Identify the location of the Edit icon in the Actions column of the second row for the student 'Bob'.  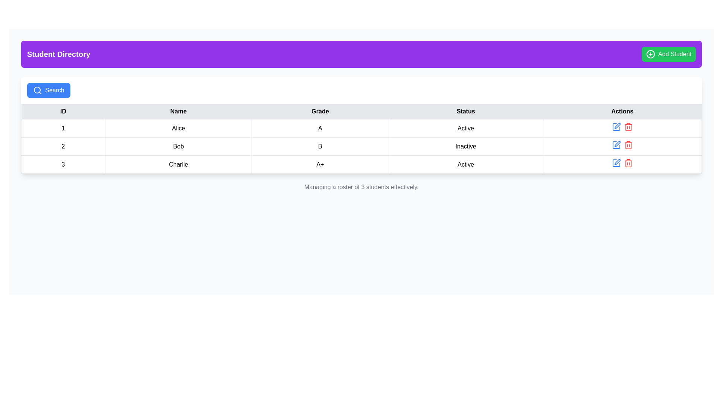
(616, 126).